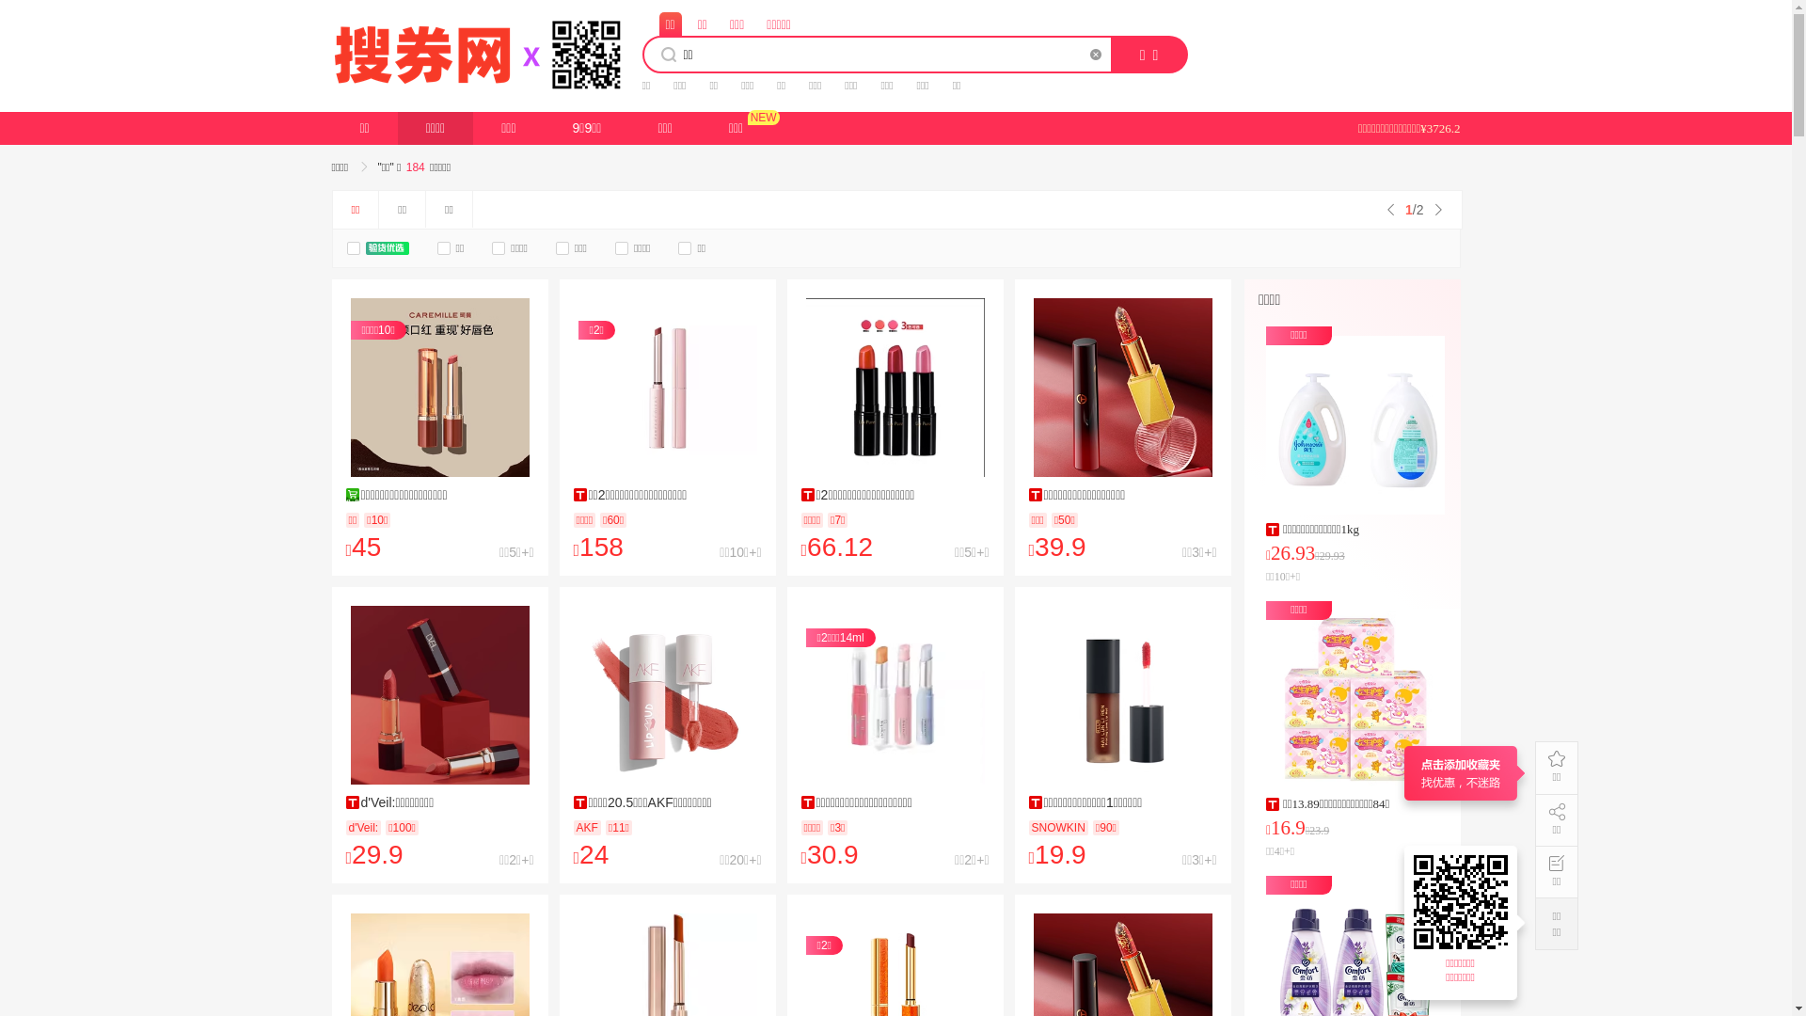 Image resolution: width=1806 pixels, height=1016 pixels. I want to click on 'https://17.souquan.wang', so click(1462, 901).